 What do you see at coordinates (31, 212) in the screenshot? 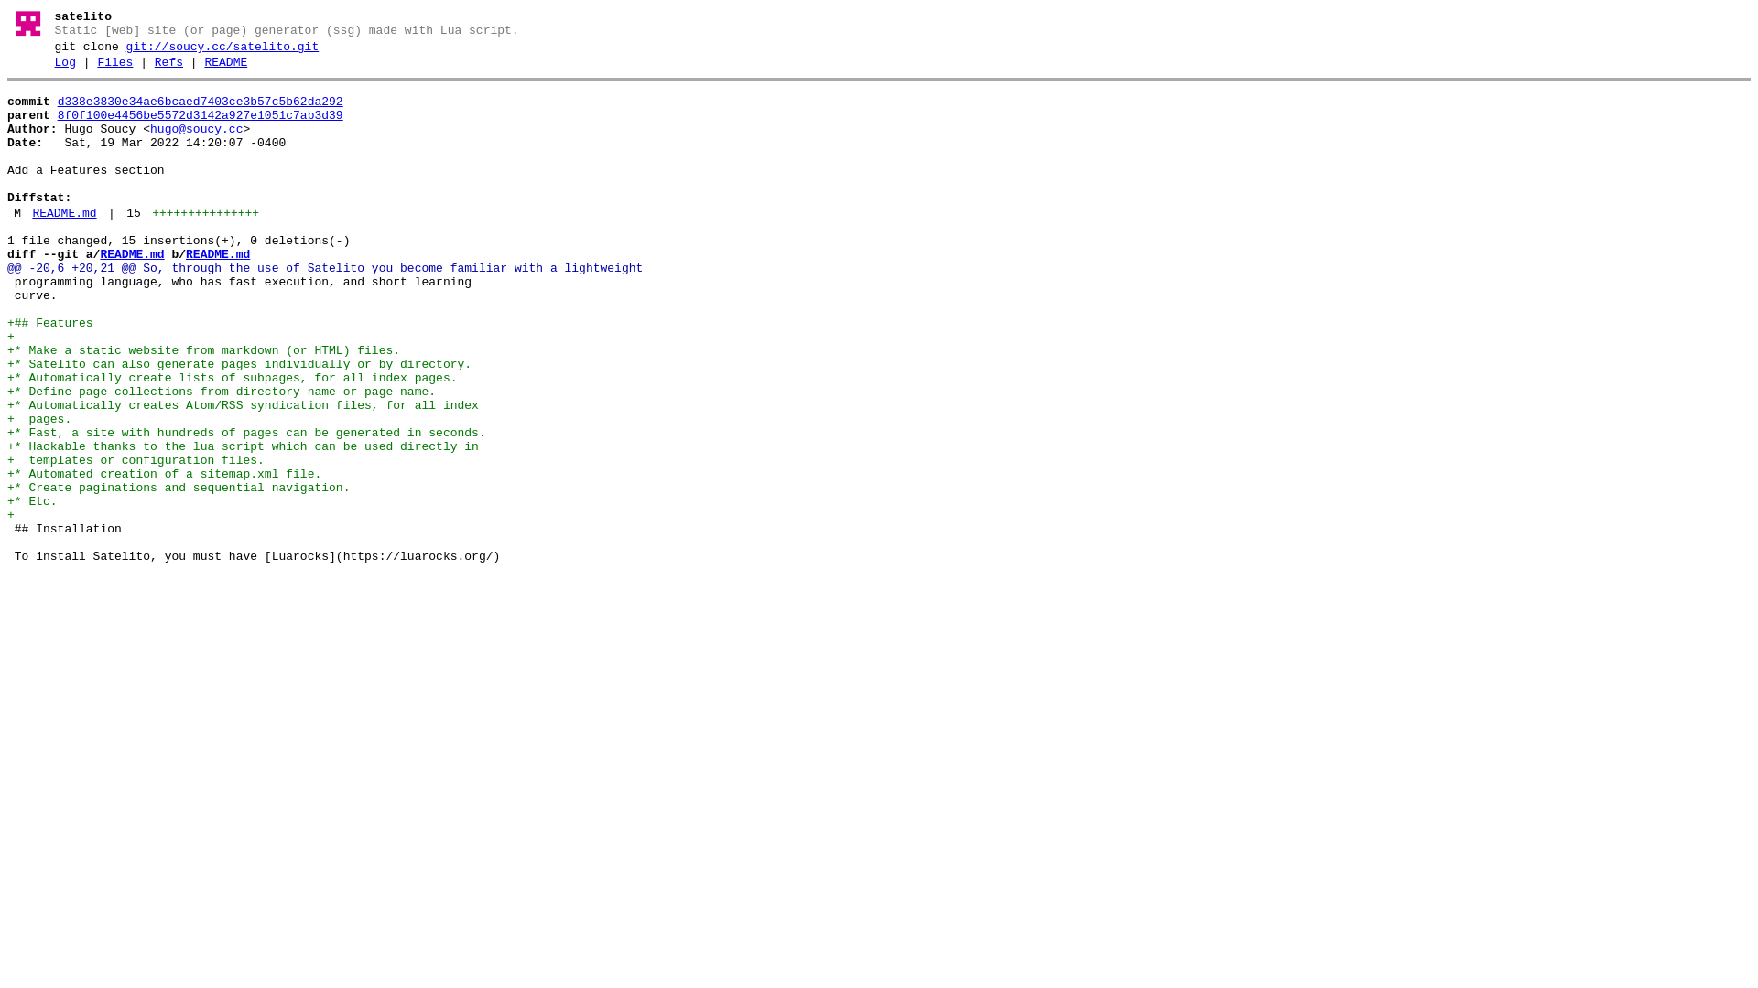
I see `'README.md'` at bounding box center [31, 212].